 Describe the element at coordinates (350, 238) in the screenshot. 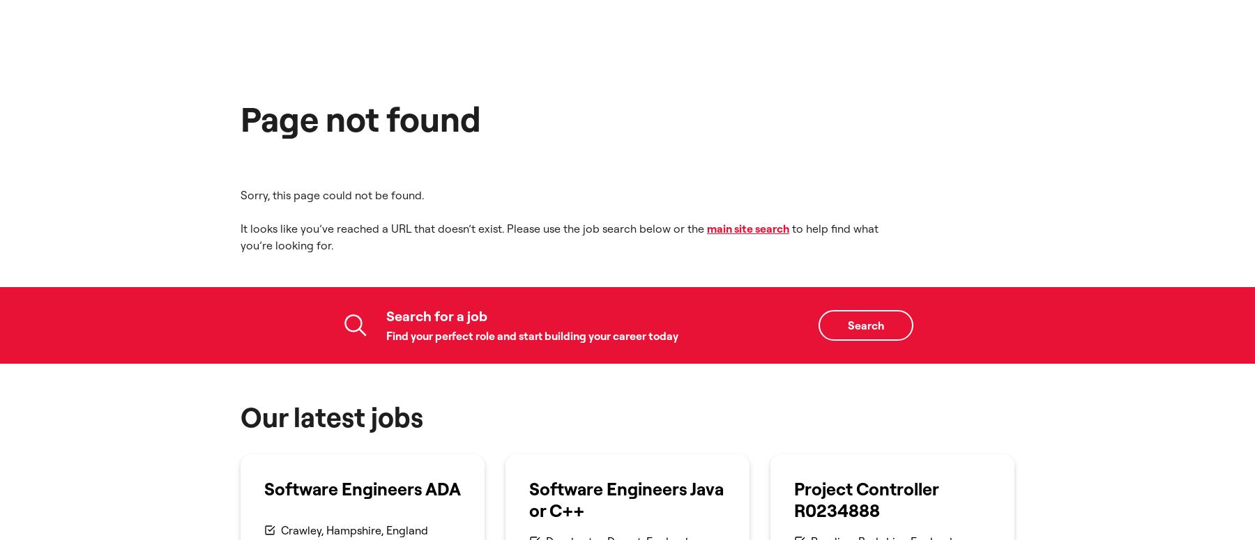

I see `'Power, Nuclear and Utilities'` at that location.